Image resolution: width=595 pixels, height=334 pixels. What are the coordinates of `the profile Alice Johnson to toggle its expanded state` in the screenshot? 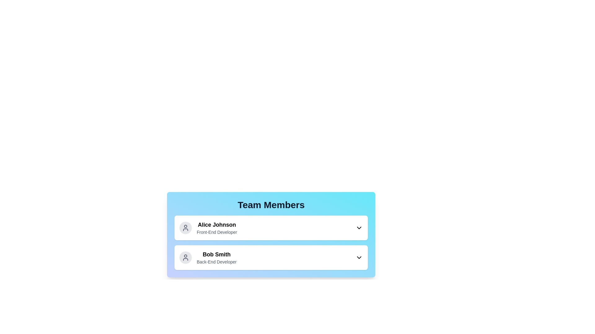 It's located at (271, 228).